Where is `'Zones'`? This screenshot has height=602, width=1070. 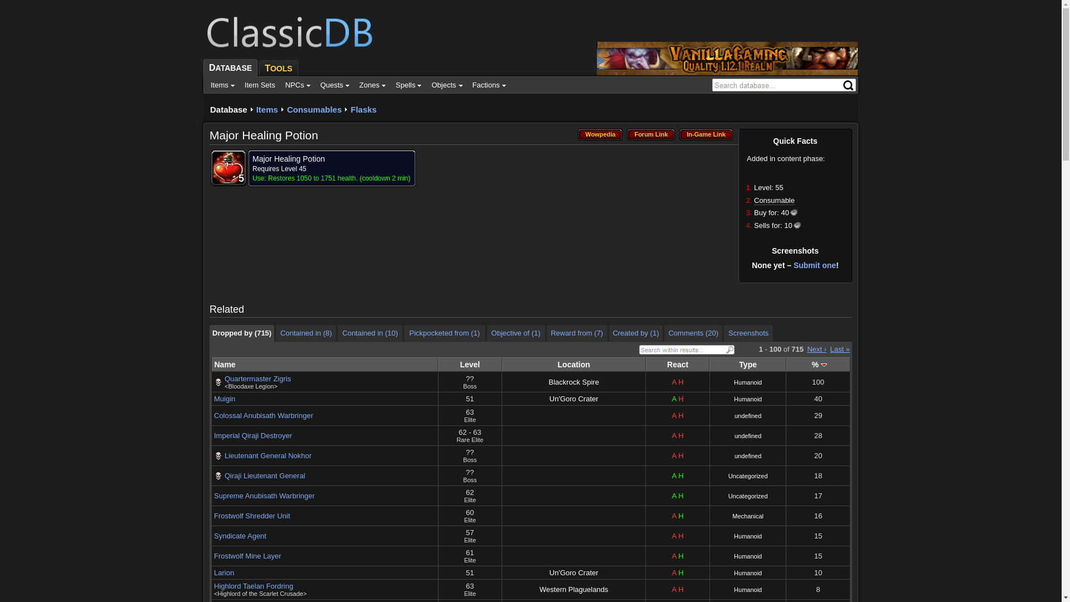 'Zones' is located at coordinates (372, 84).